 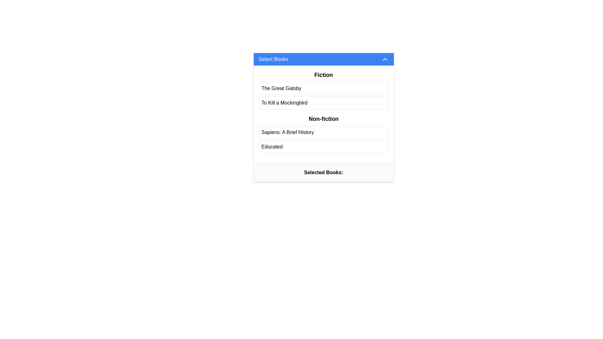 I want to click on displayed text of the bold heading element, 'Selected Books:', which is centered at the bottom of the component with a light gray background, so click(x=323, y=172).